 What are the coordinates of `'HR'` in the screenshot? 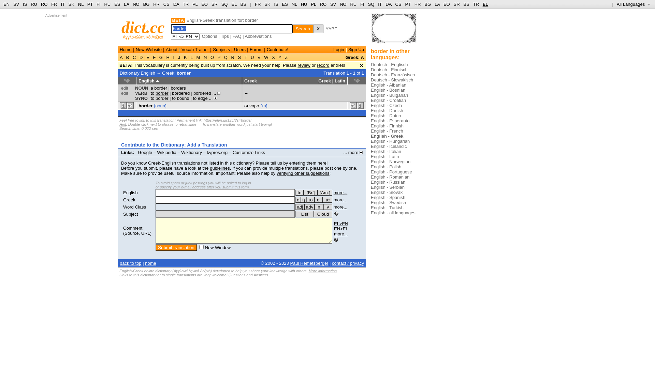 It's located at (156, 4).